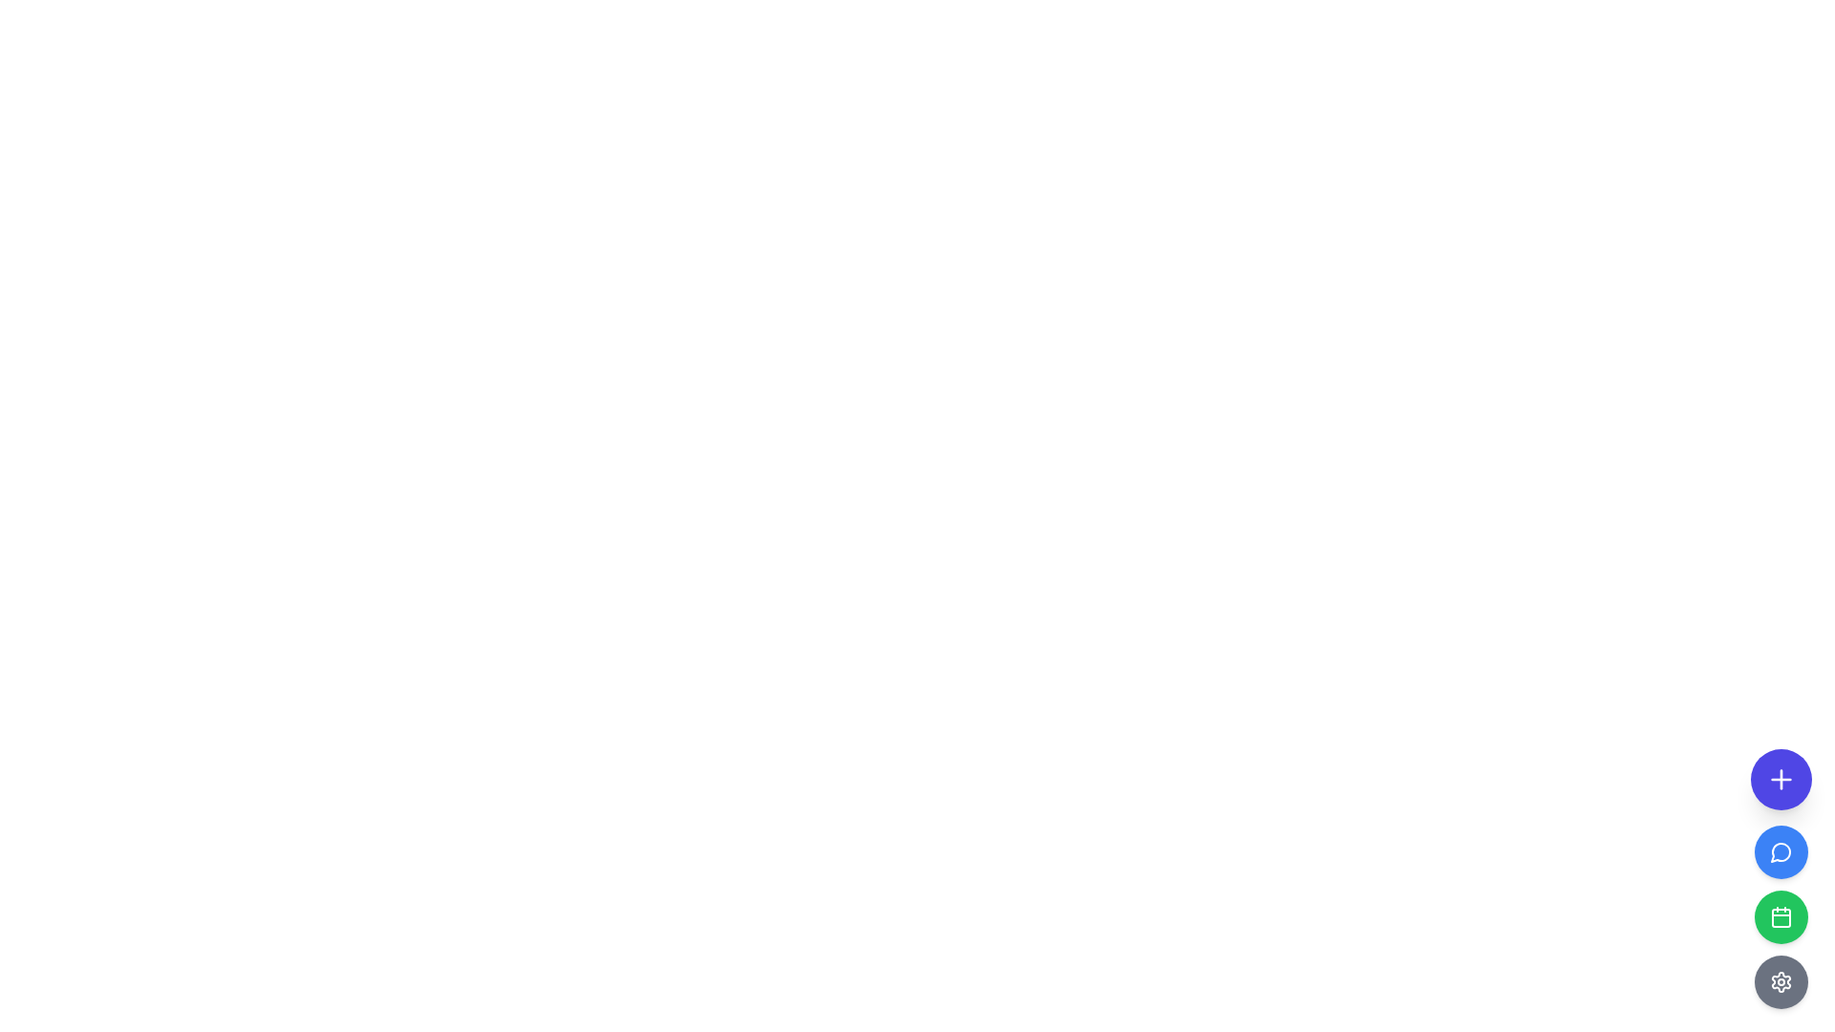 The width and height of the screenshot is (1835, 1032). What do you see at coordinates (1780, 982) in the screenshot?
I see `the gear icon button in the bottom-right corner of the interface` at bounding box center [1780, 982].